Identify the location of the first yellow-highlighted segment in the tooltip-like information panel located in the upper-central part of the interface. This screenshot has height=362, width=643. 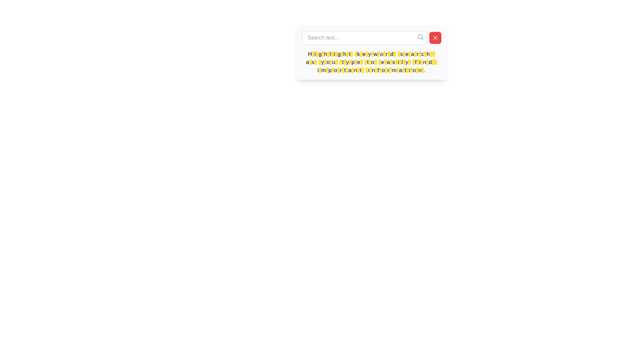
(313, 54).